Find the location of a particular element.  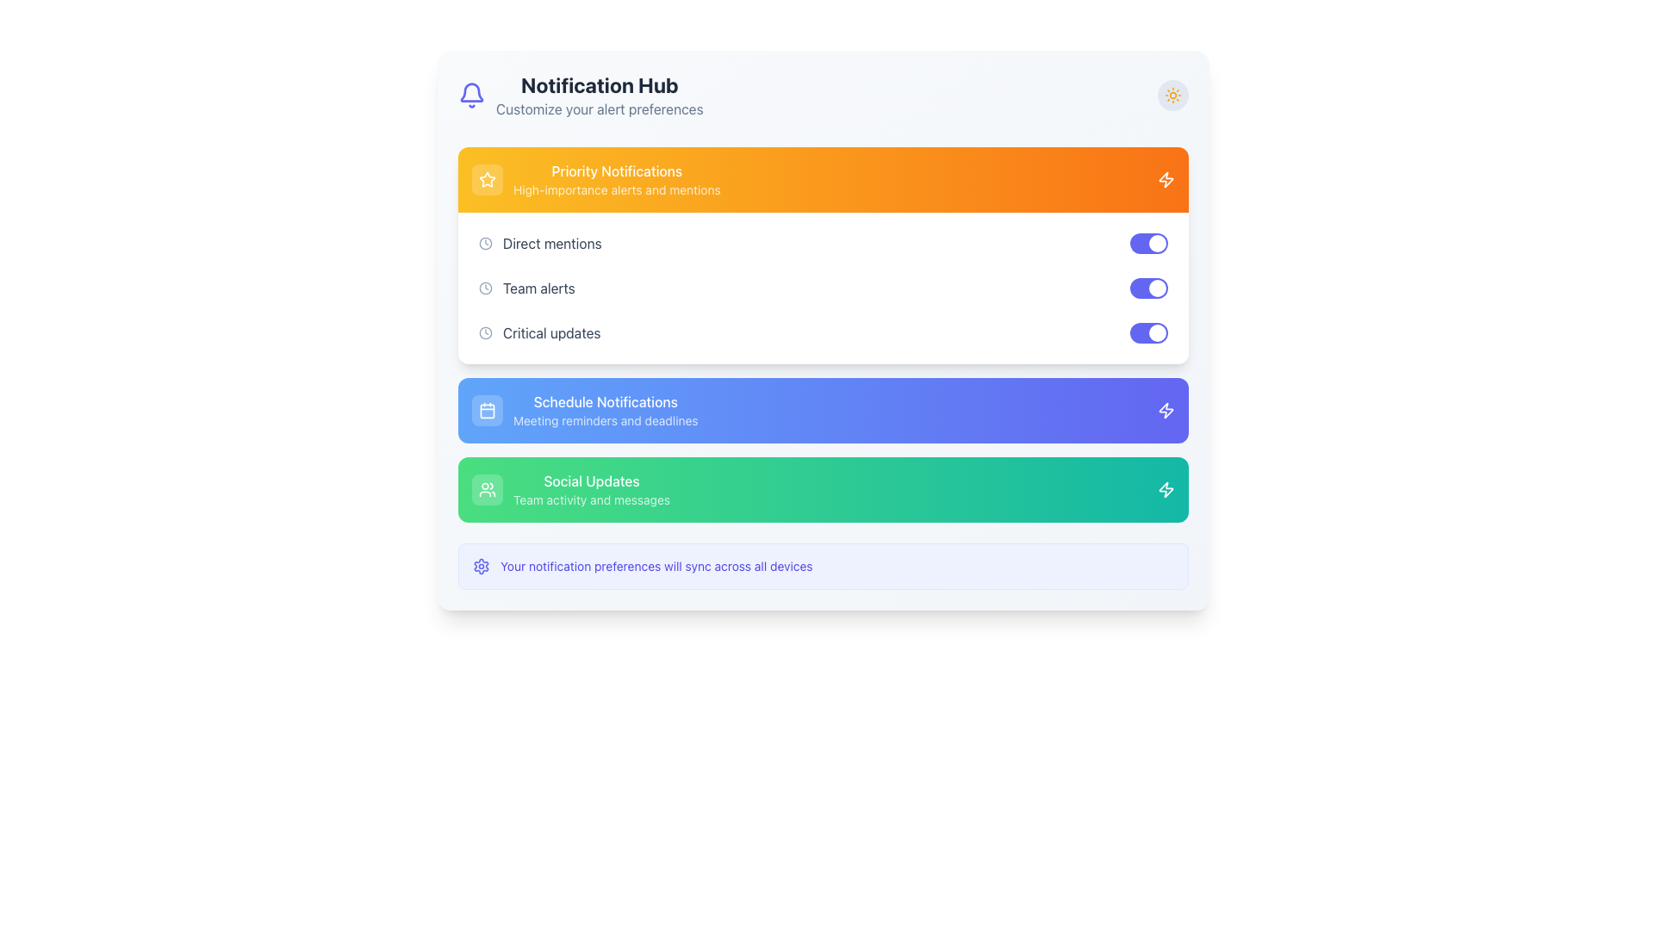

the clock SVG icon representing 'Team alerts' in the 'Priority Notifications' section, which is positioned first in its row among 'Direct mentions' and 'Critical updates' is located at coordinates (485, 288).